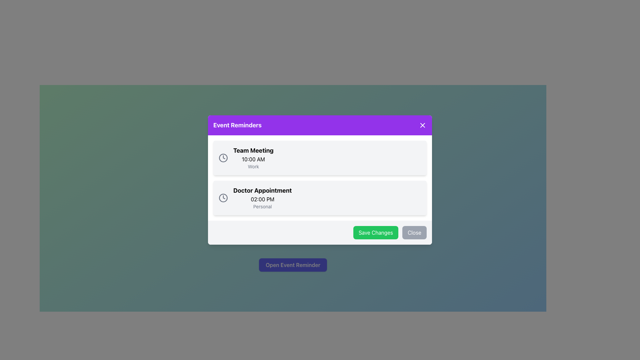  I want to click on the dismiss button located at the bottom-right corner of the modal, so click(414, 232).